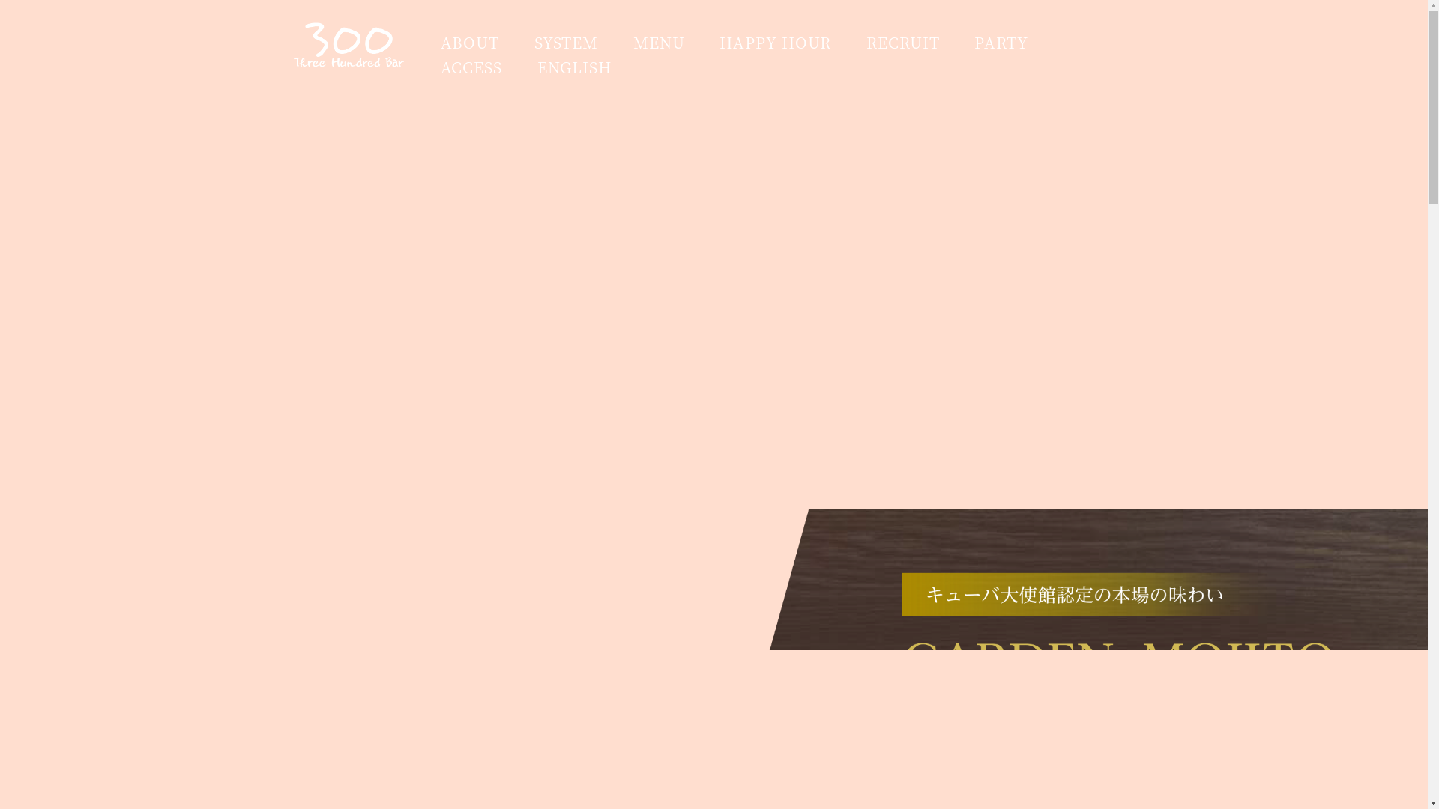 This screenshot has height=809, width=1439. Describe the element at coordinates (902, 42) in the screenshot. I see `'RECRUIT'` at that location.